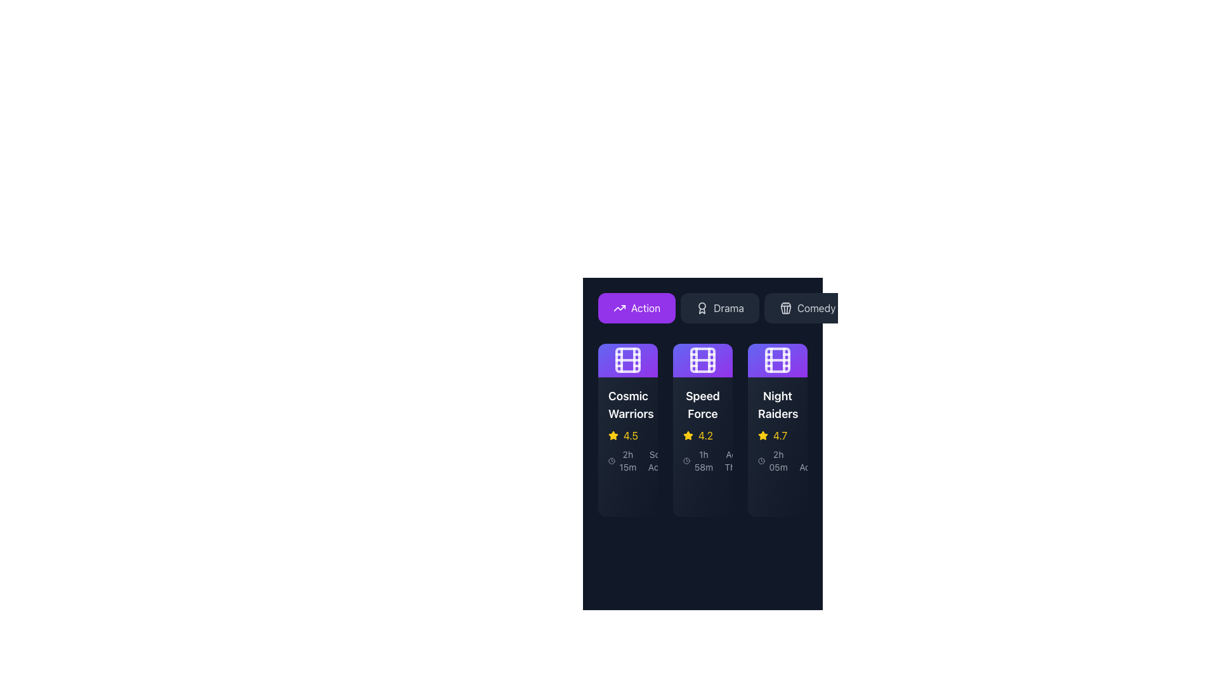 This screenshot has height=685, width=1218. What do you see at coordinates (776, 460) in the screenshot?
I see `the clock icon located to the left of the duration indicator '2h 05m' in the 'Night Raiders' card, which is the third card in the list` at bounding box center [776, 460].